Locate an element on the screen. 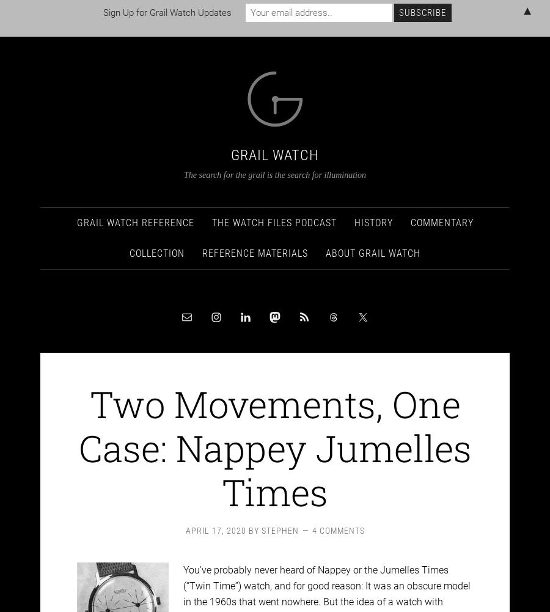 The image size is (550, 612). 'History' is located at coordinates (373, 212).